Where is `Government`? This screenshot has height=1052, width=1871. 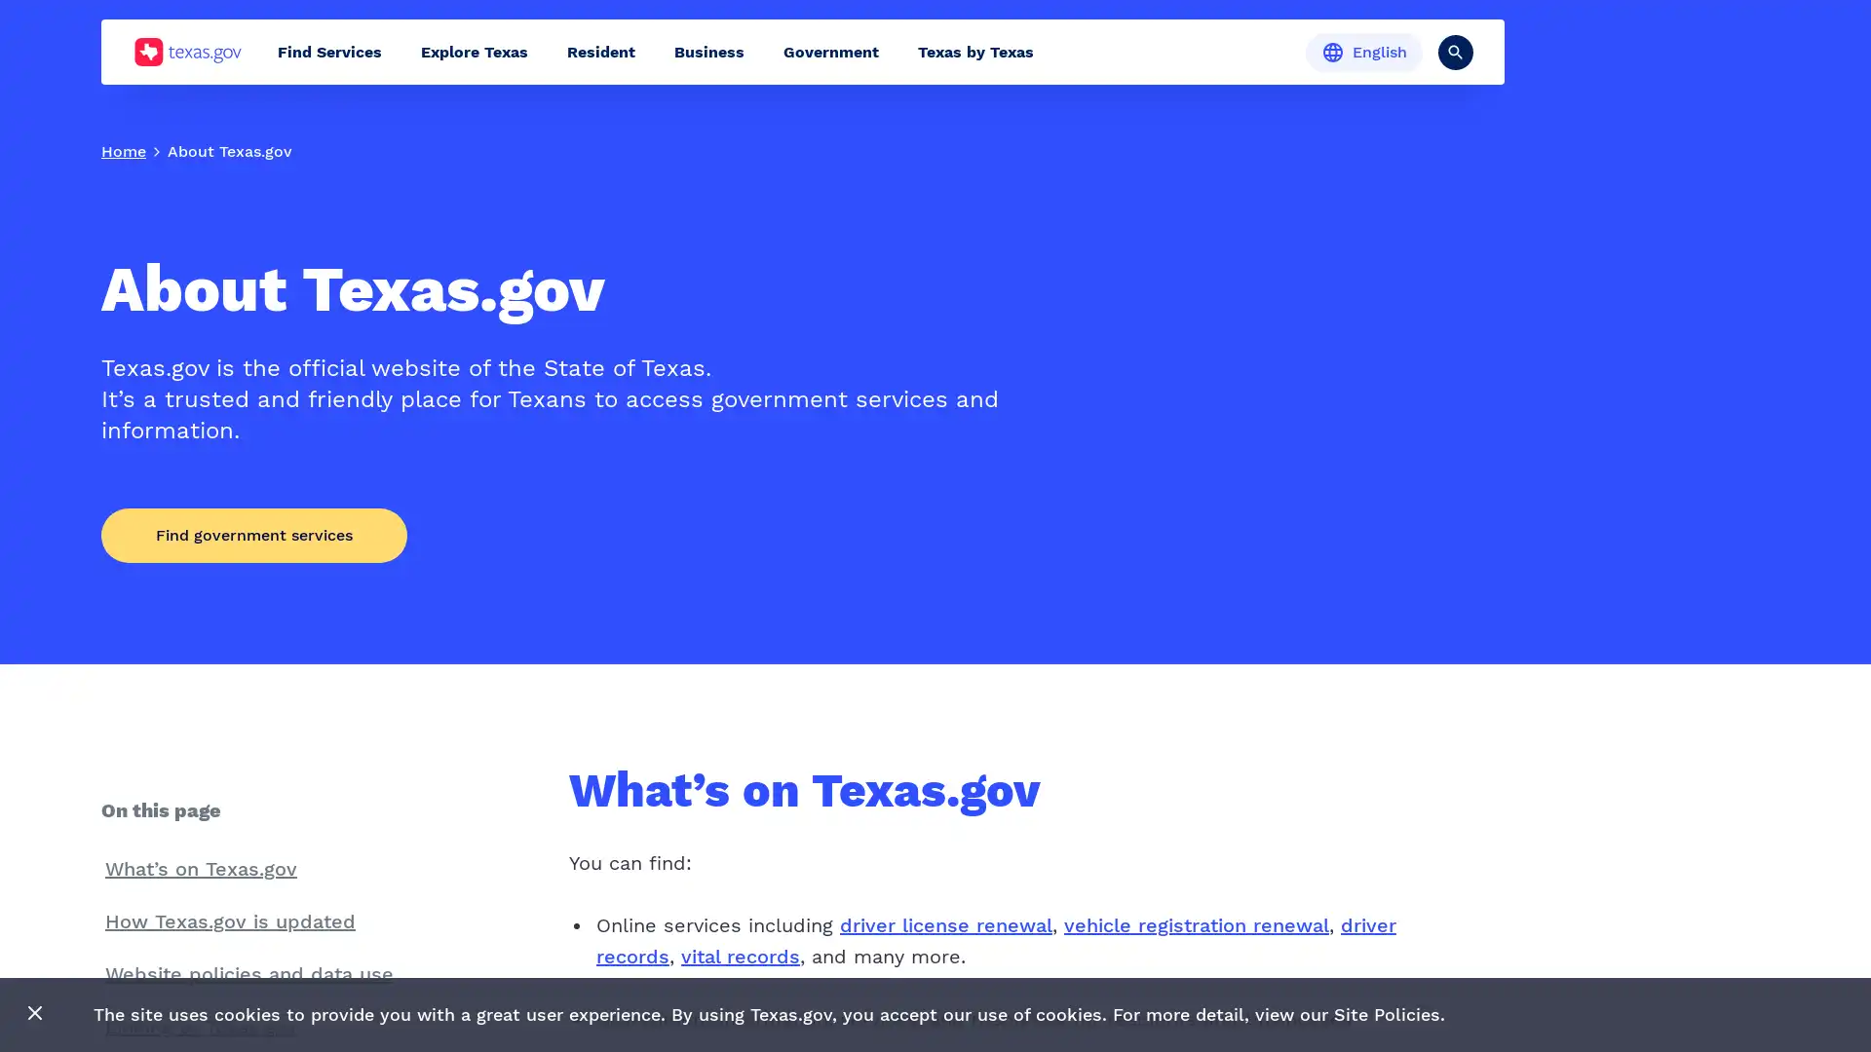
Government is located at coordinates (831, 51).